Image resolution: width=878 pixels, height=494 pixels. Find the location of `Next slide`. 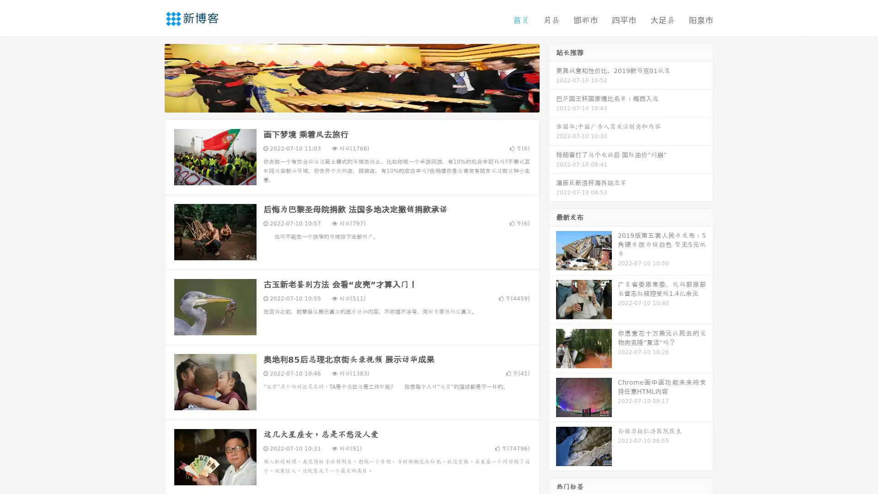

Next slide is located at coordinates (552, 77).